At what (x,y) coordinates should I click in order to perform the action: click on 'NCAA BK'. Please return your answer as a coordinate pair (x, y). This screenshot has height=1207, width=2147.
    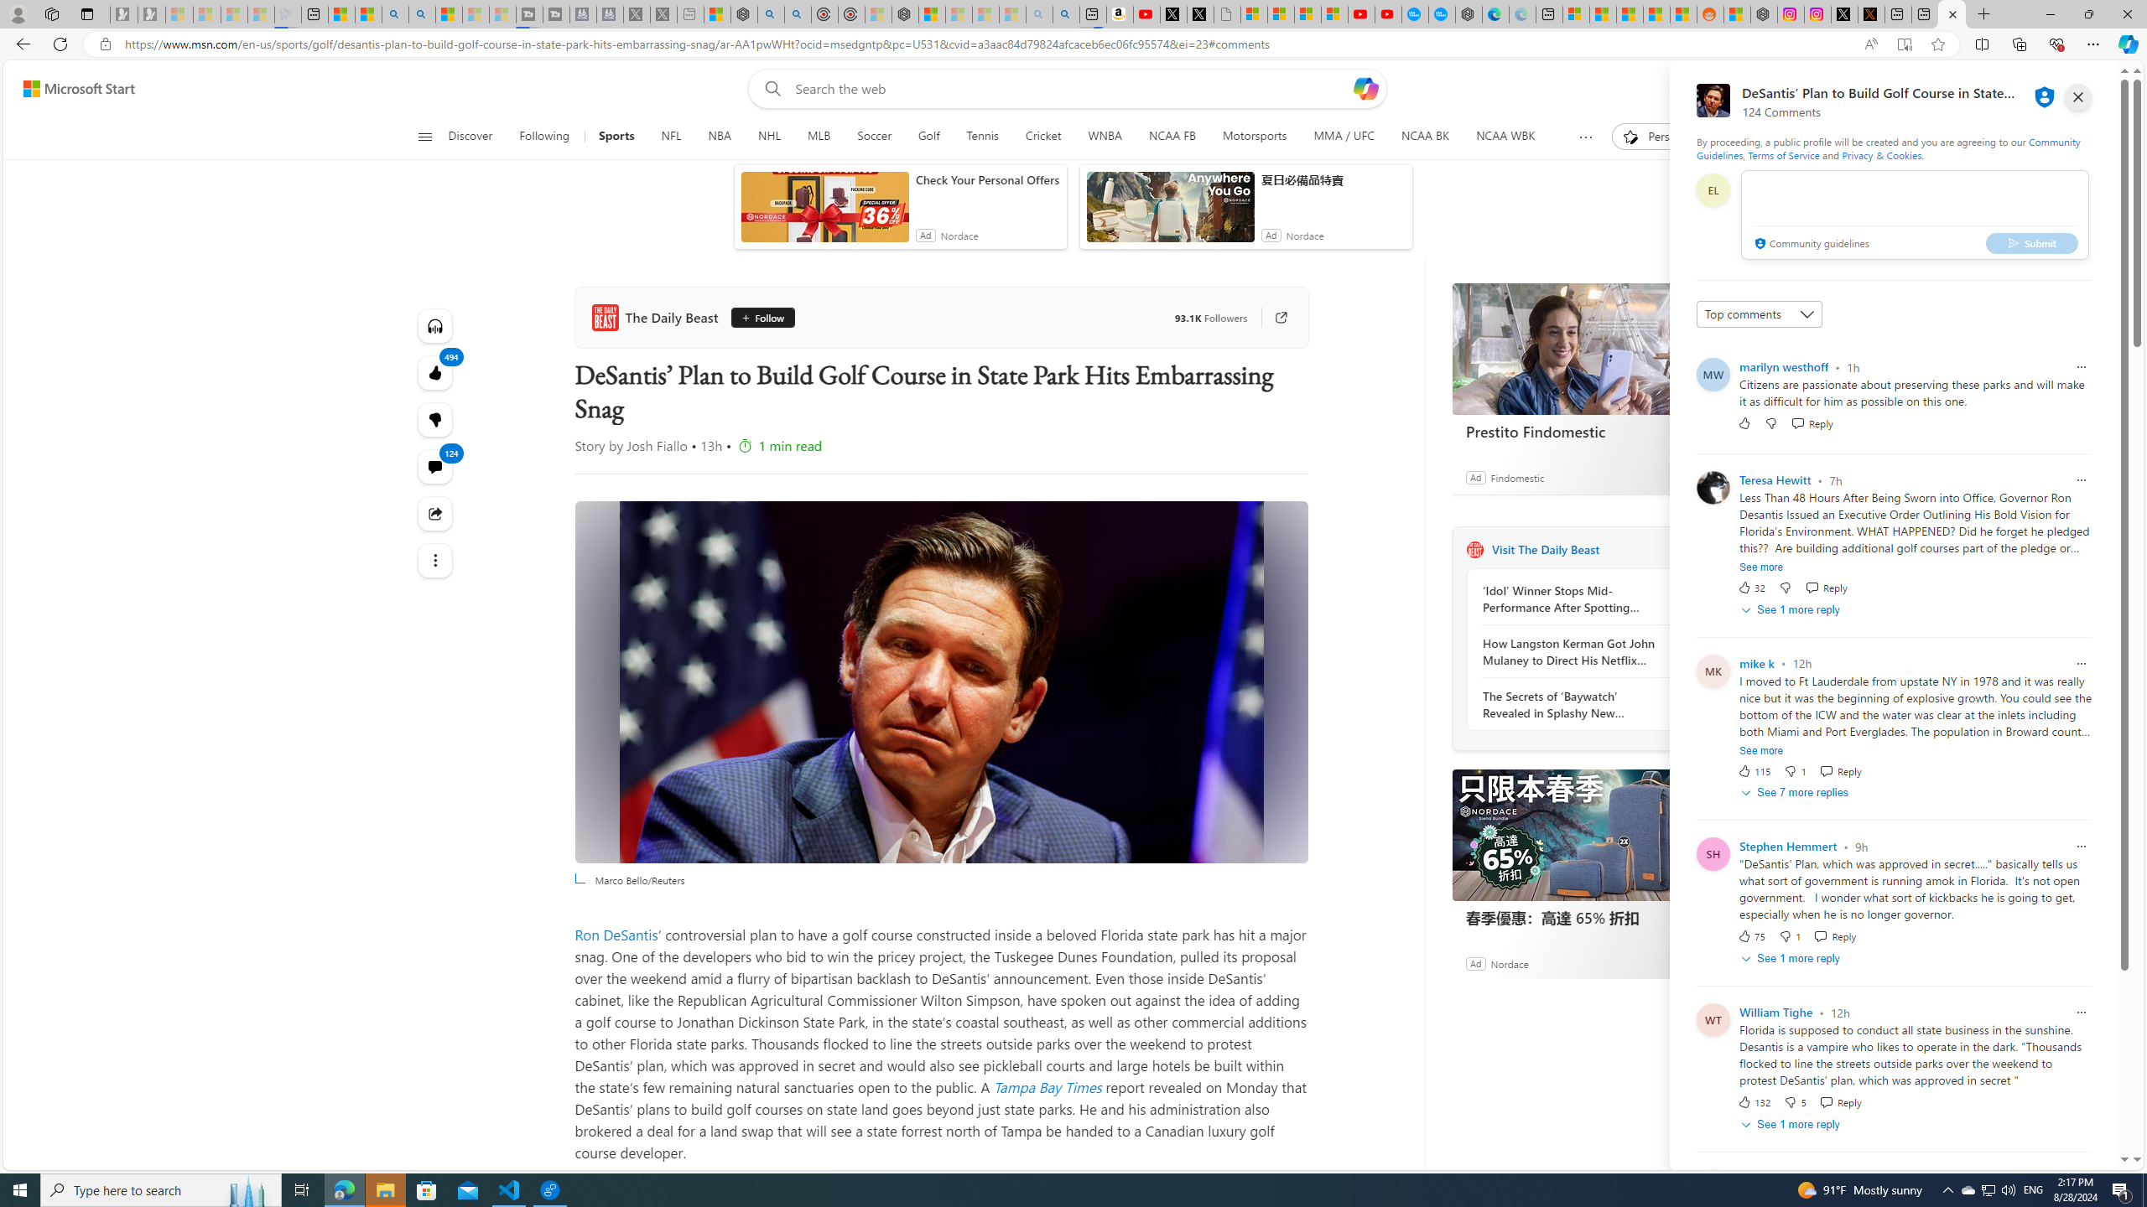
    Looking at the image, I should click on (1423, 136).